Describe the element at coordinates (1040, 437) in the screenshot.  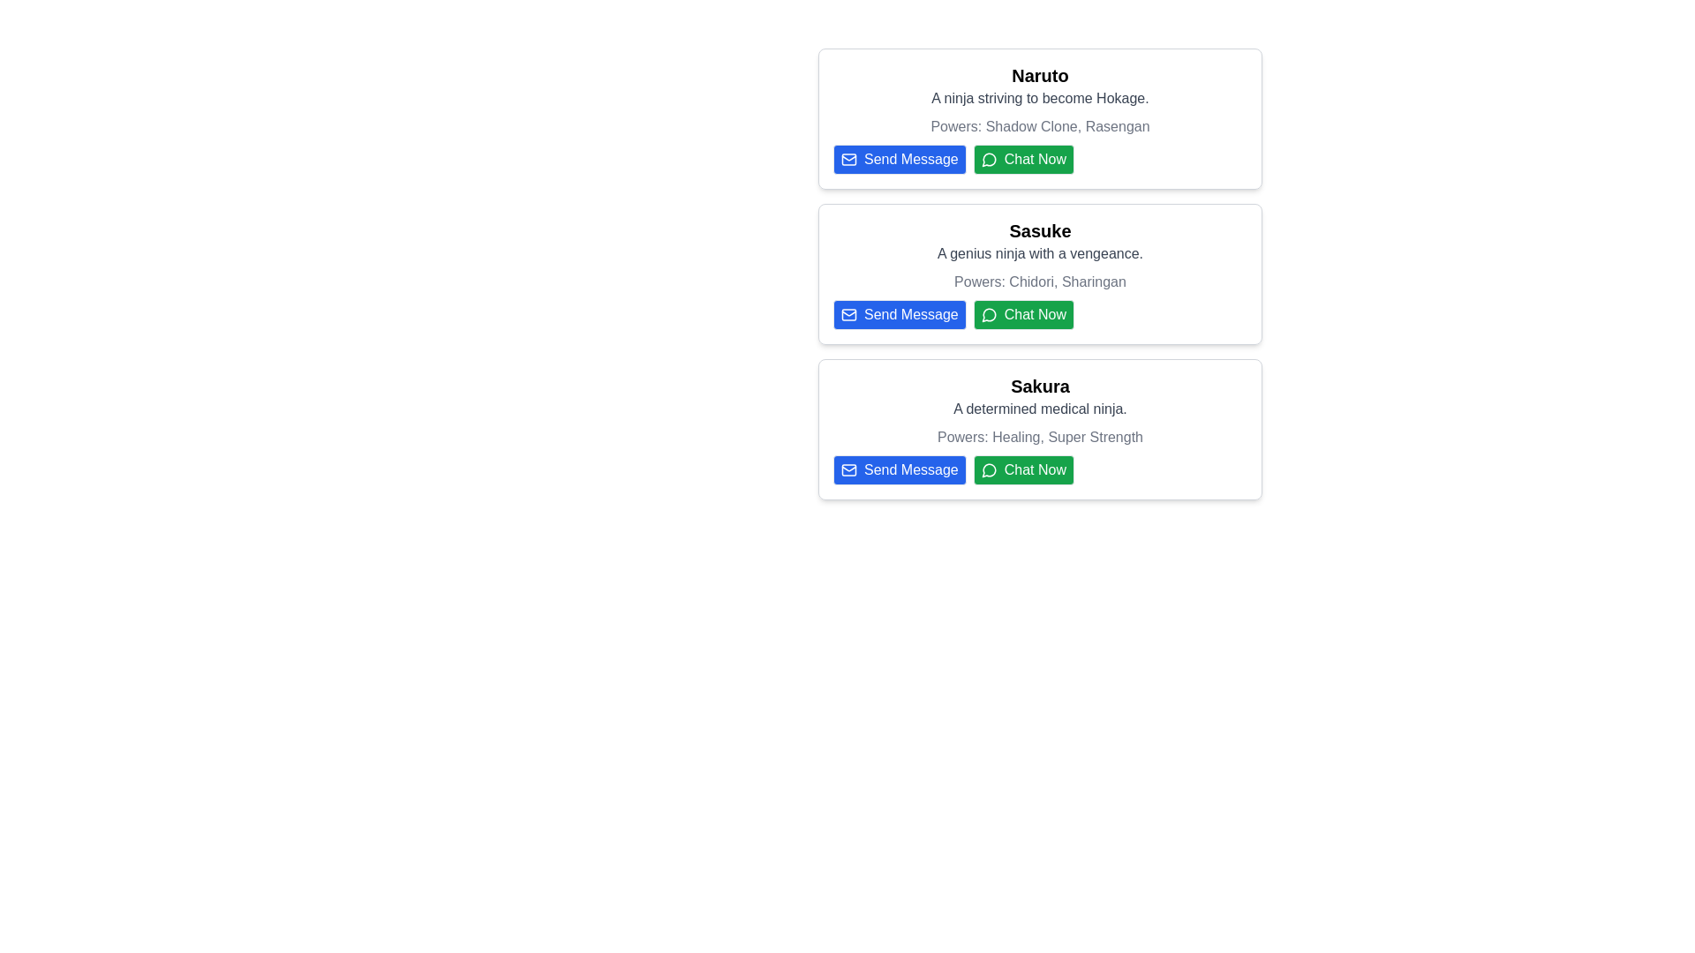
I see `the text label displaying 'Powers: Healing, Super Strength' located beneath the description 'A determined medical ninja.' in the 'Sakura' card layout` at that location.